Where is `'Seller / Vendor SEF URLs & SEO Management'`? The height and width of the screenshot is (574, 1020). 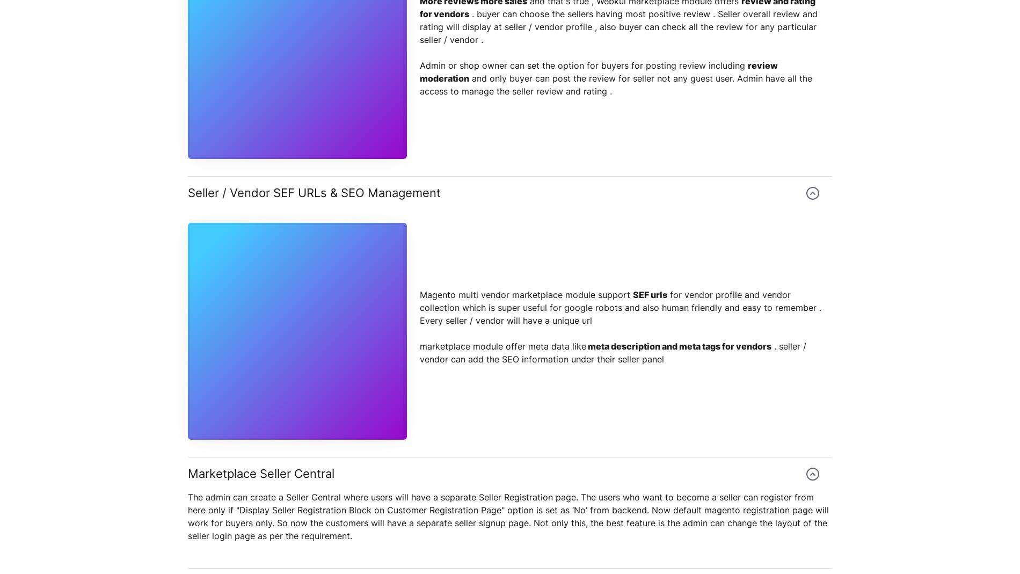 'Seller / Vendor SEF URLs & SEO Management' is located at coordinates (314, 192).